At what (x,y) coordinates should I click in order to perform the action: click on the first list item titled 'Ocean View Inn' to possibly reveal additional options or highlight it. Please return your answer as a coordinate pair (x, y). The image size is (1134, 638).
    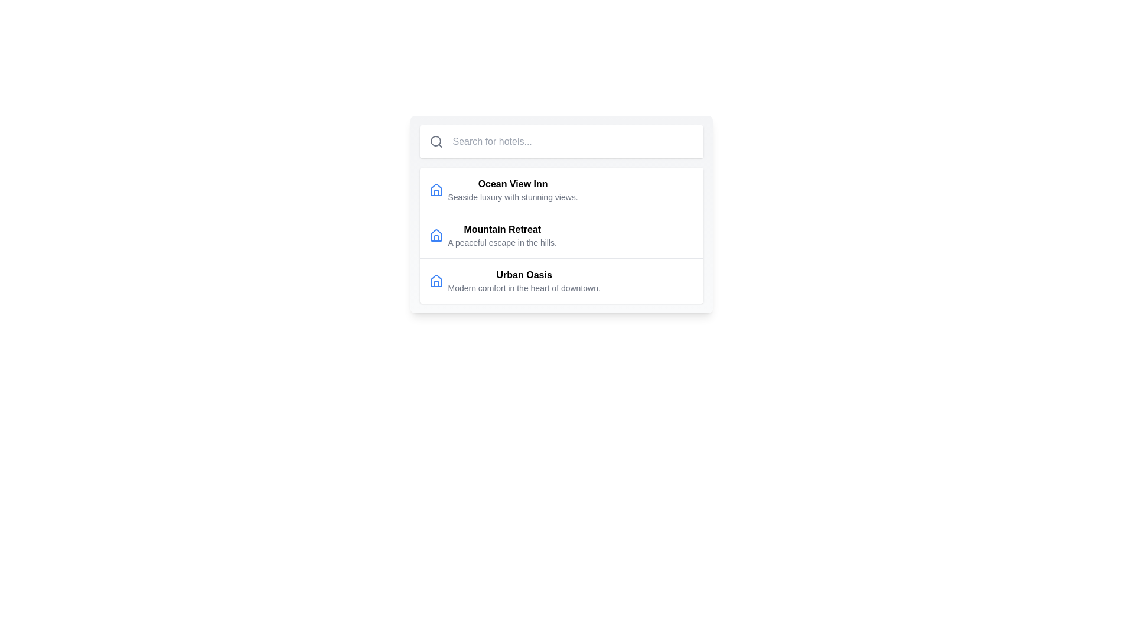
    Looking at the image, I should click on (561, 189).